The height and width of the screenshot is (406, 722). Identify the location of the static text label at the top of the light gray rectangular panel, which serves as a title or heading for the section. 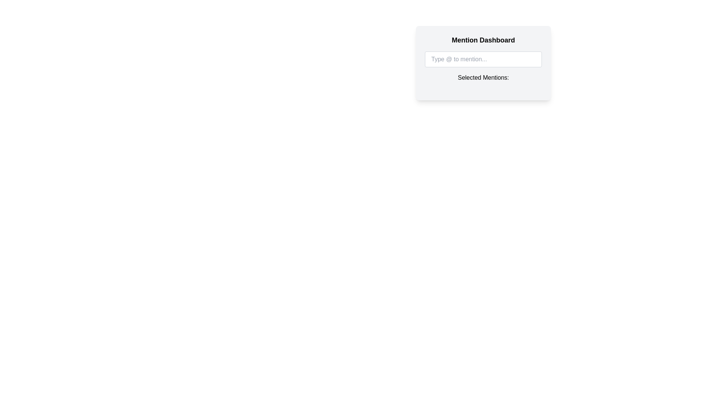
(483, 40).